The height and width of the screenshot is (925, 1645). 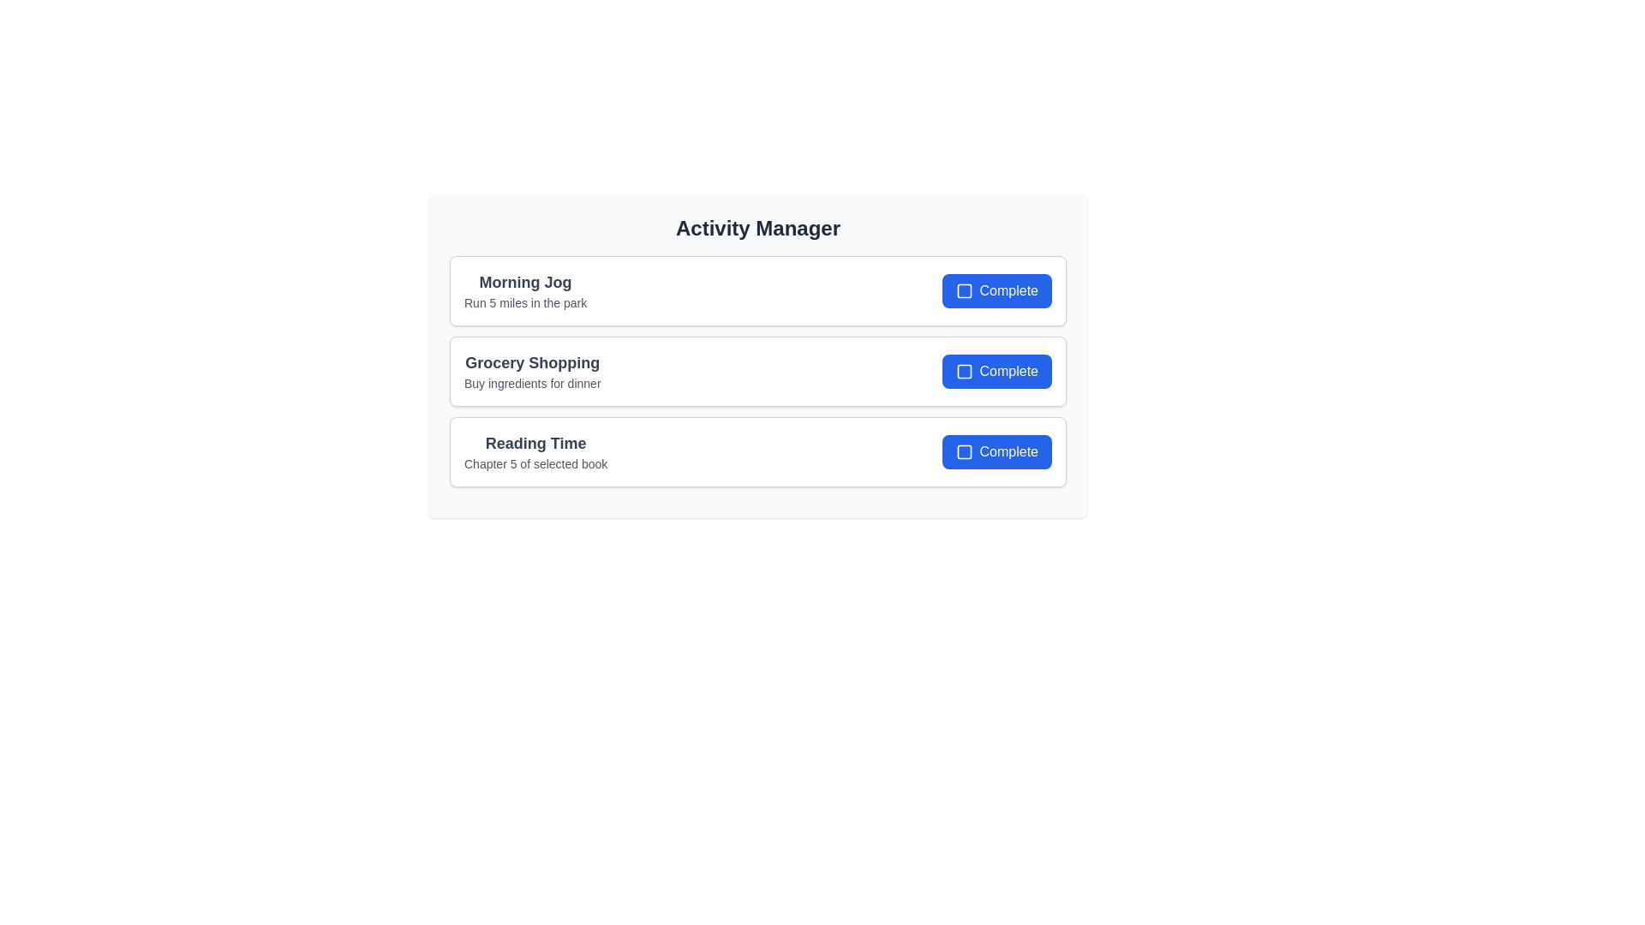 What do you see at coordinates (964, 371) in the screenshot?
I see `the checkbox located in the middle-left area of the 'Complete' button associated with the 'Grocery Shopping' list item` at bounding box center [964, 371].